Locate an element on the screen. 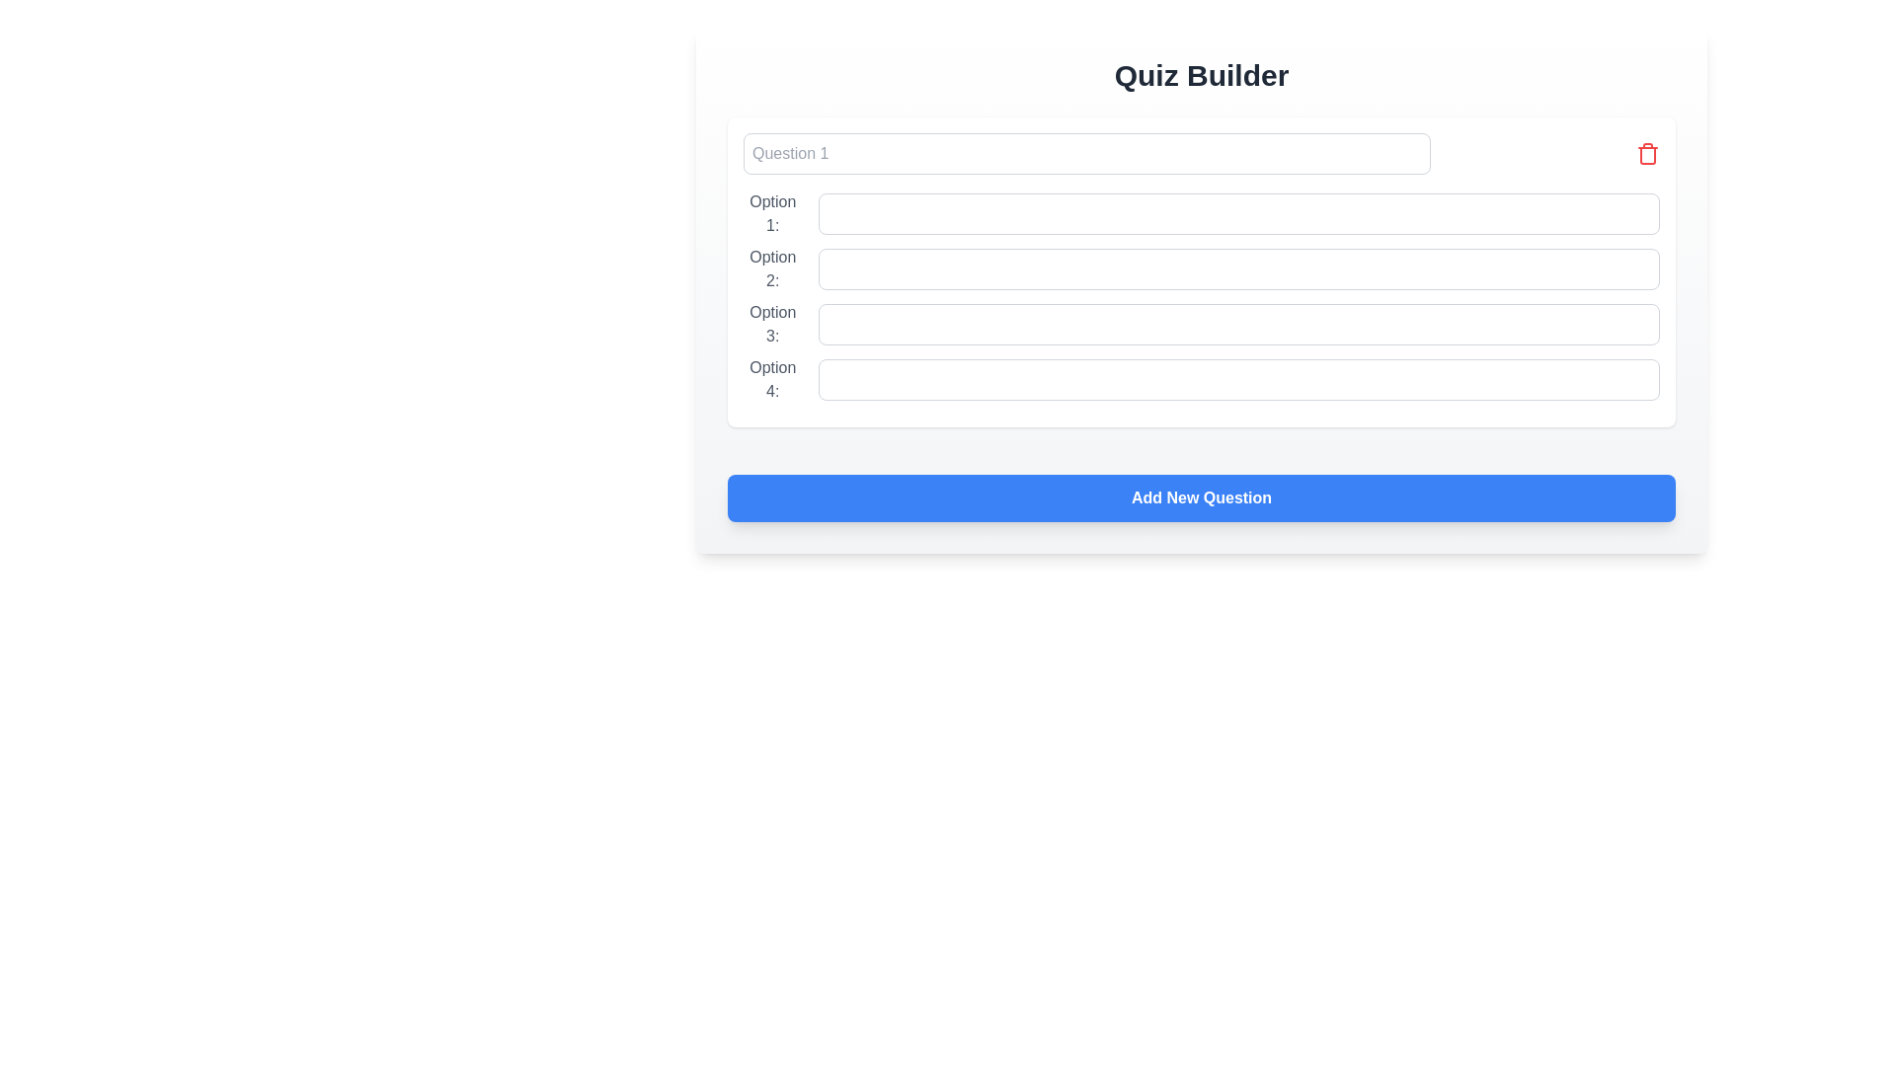 This screenshot has height=1066, width=1896. the single-line text input box with a light gray background and placeholder text 'Question 1' by tabbing to it from another field is located at coordinates (1085, 152).